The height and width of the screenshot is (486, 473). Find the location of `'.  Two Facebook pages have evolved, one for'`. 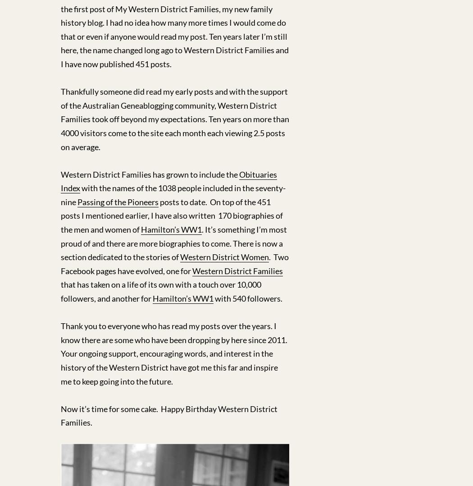

'.  Two Facebook pages have evolved, one for' is located at coordinates (60, 264).